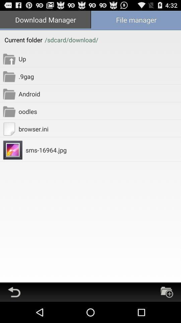 This screenshot has height=323, width=181. I want to click on the browser.ini app, so click(99, 129).